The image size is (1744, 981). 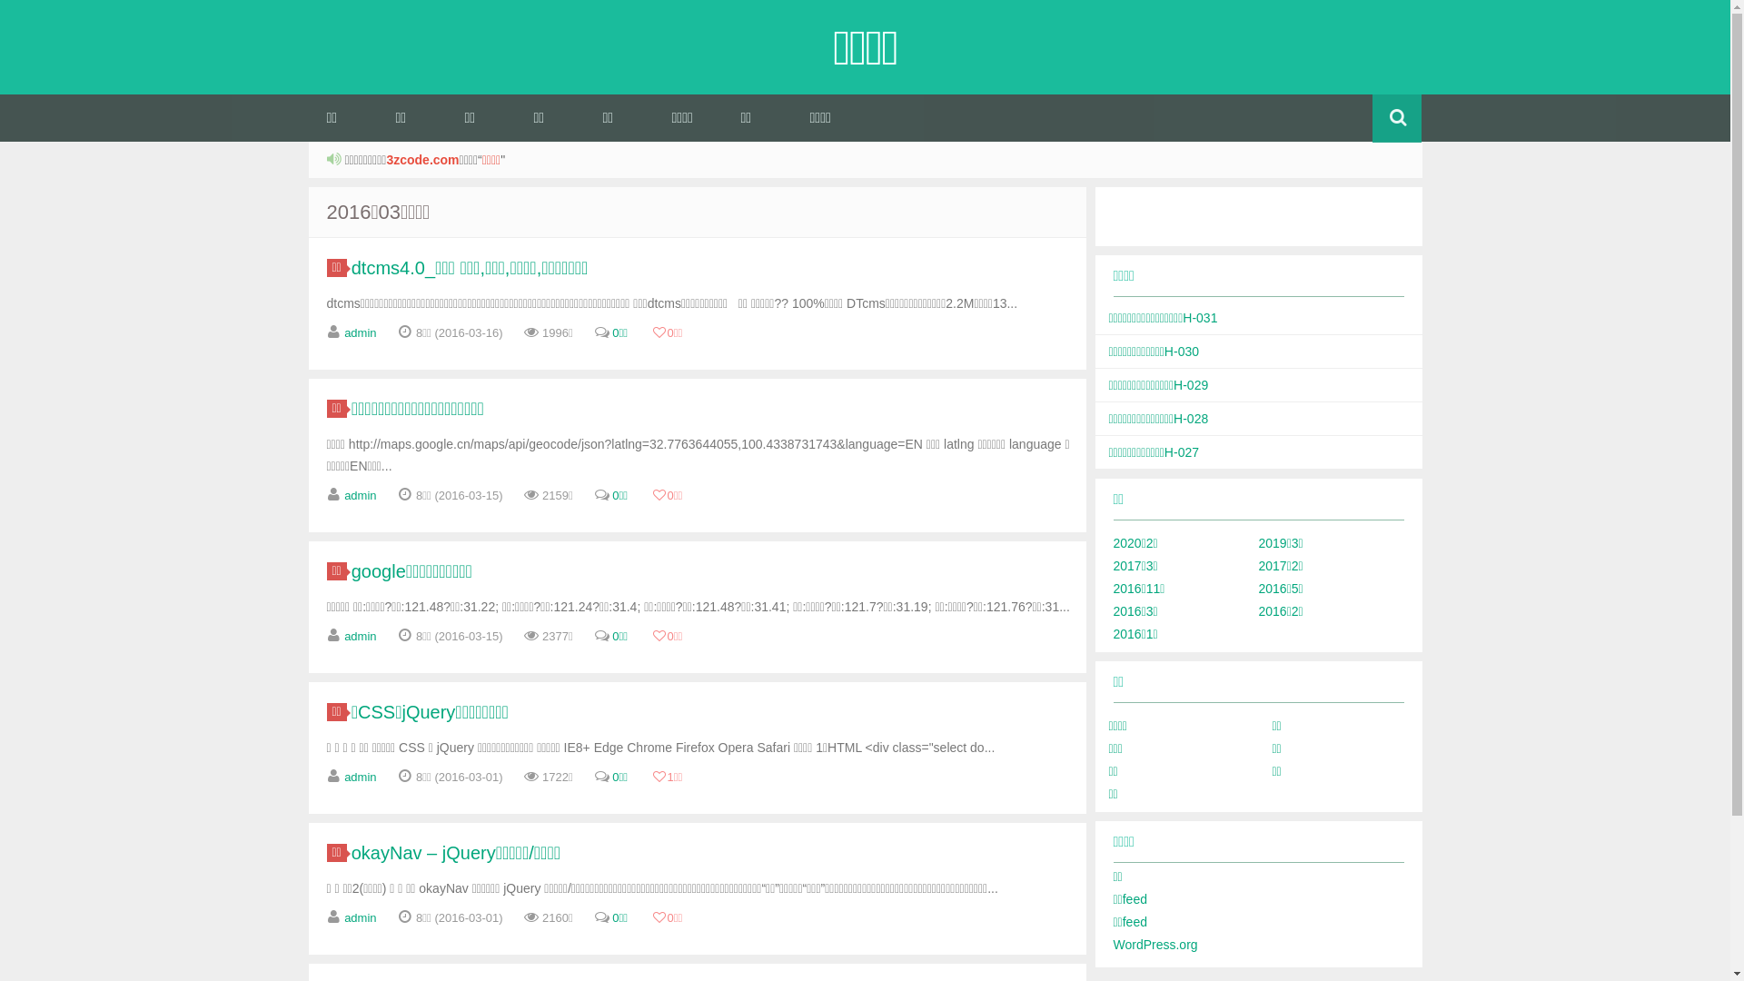 What do you see at coordinates (421, 159) in the screenshot?
I see `'3zcode.com'` at bounding box center [421, 159].